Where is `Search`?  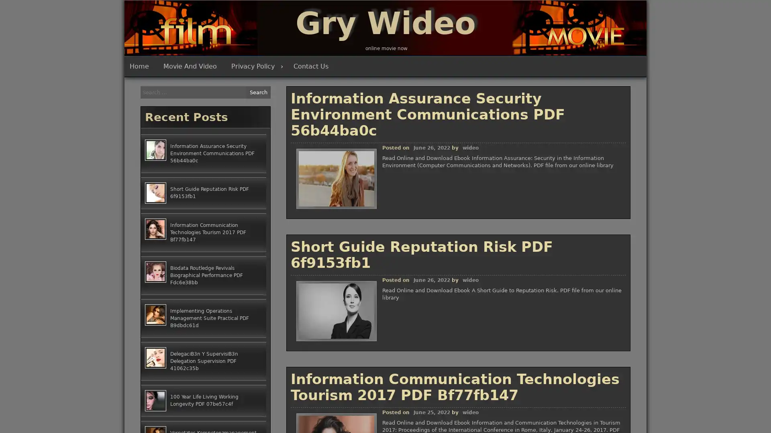 Search is located at coordinates (258, 92).